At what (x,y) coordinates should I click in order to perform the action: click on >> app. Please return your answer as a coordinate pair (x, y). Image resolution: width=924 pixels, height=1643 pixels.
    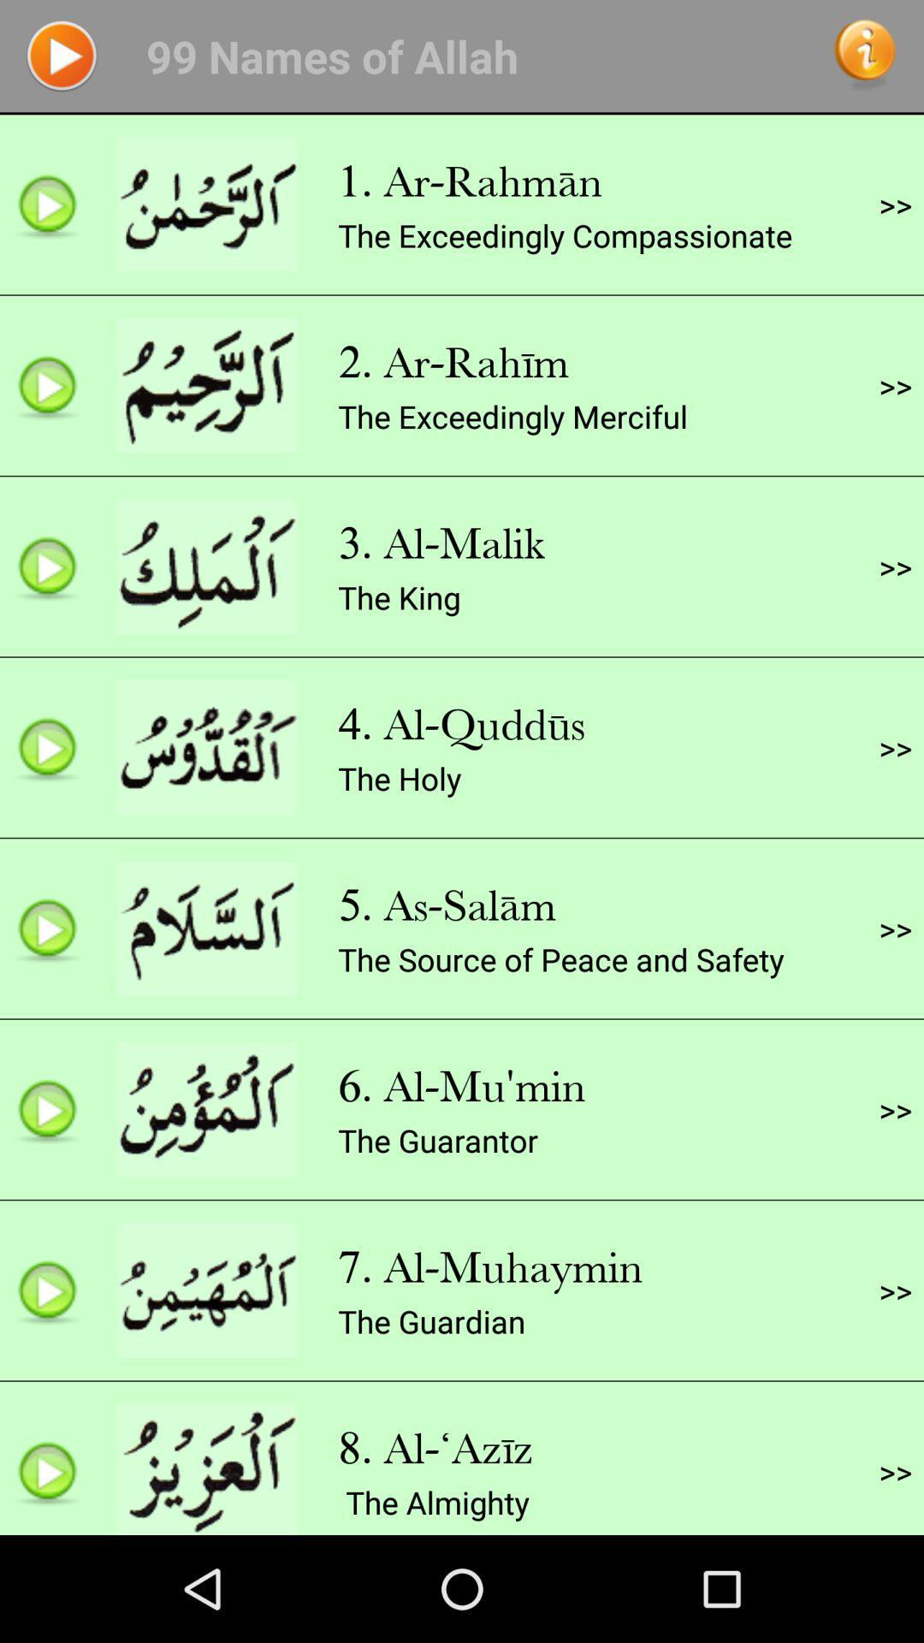
    Looking at the image, I should click on (894, 747).